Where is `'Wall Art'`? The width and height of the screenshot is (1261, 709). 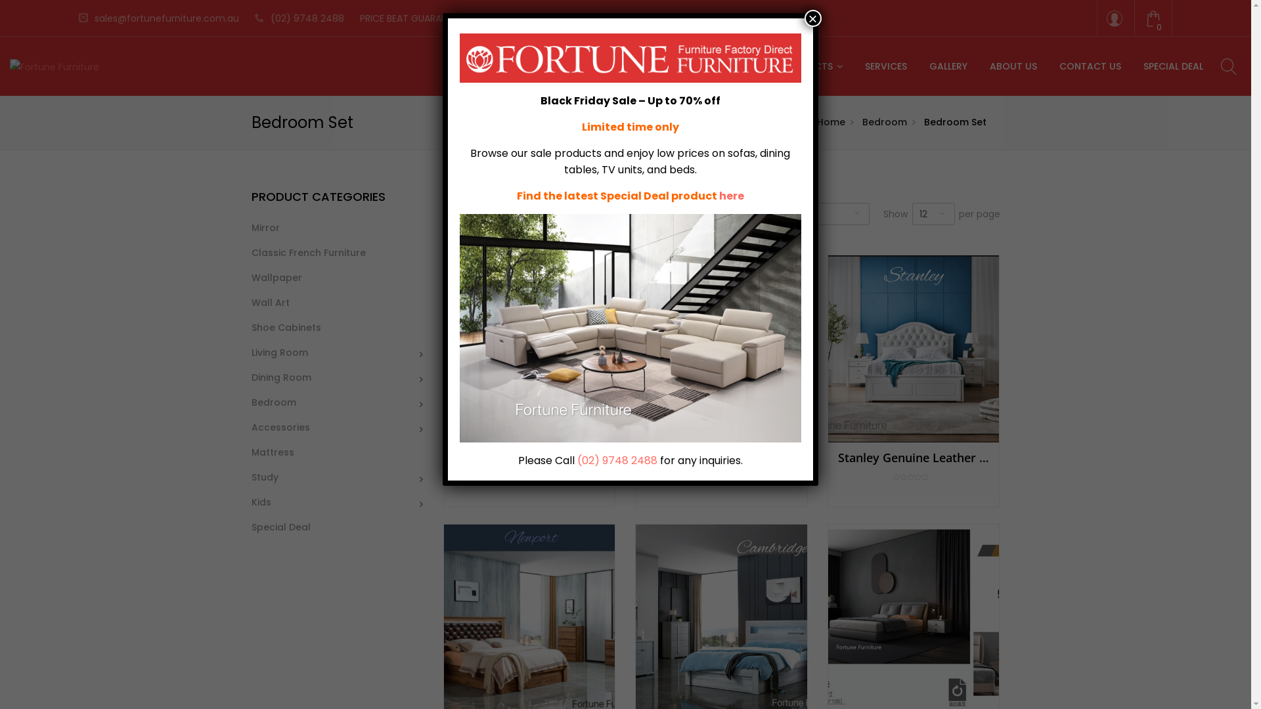
'Wall Art' is located at coordinates (269, 301).